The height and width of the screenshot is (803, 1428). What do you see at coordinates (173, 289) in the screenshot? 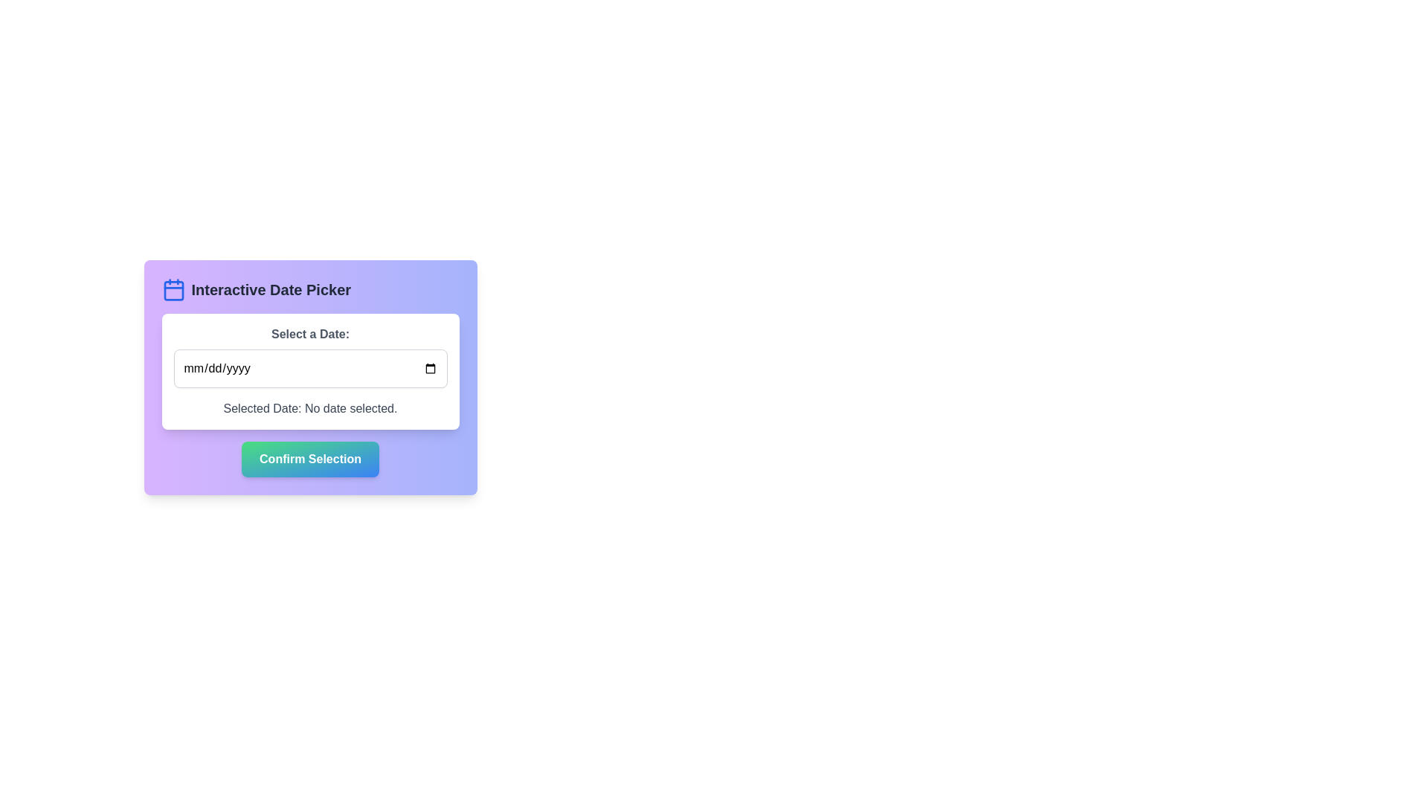
I see `the calendar icon that represents the date picker feature, located at the top-left corner of the date picker interface` at bounding box center [173, 289].